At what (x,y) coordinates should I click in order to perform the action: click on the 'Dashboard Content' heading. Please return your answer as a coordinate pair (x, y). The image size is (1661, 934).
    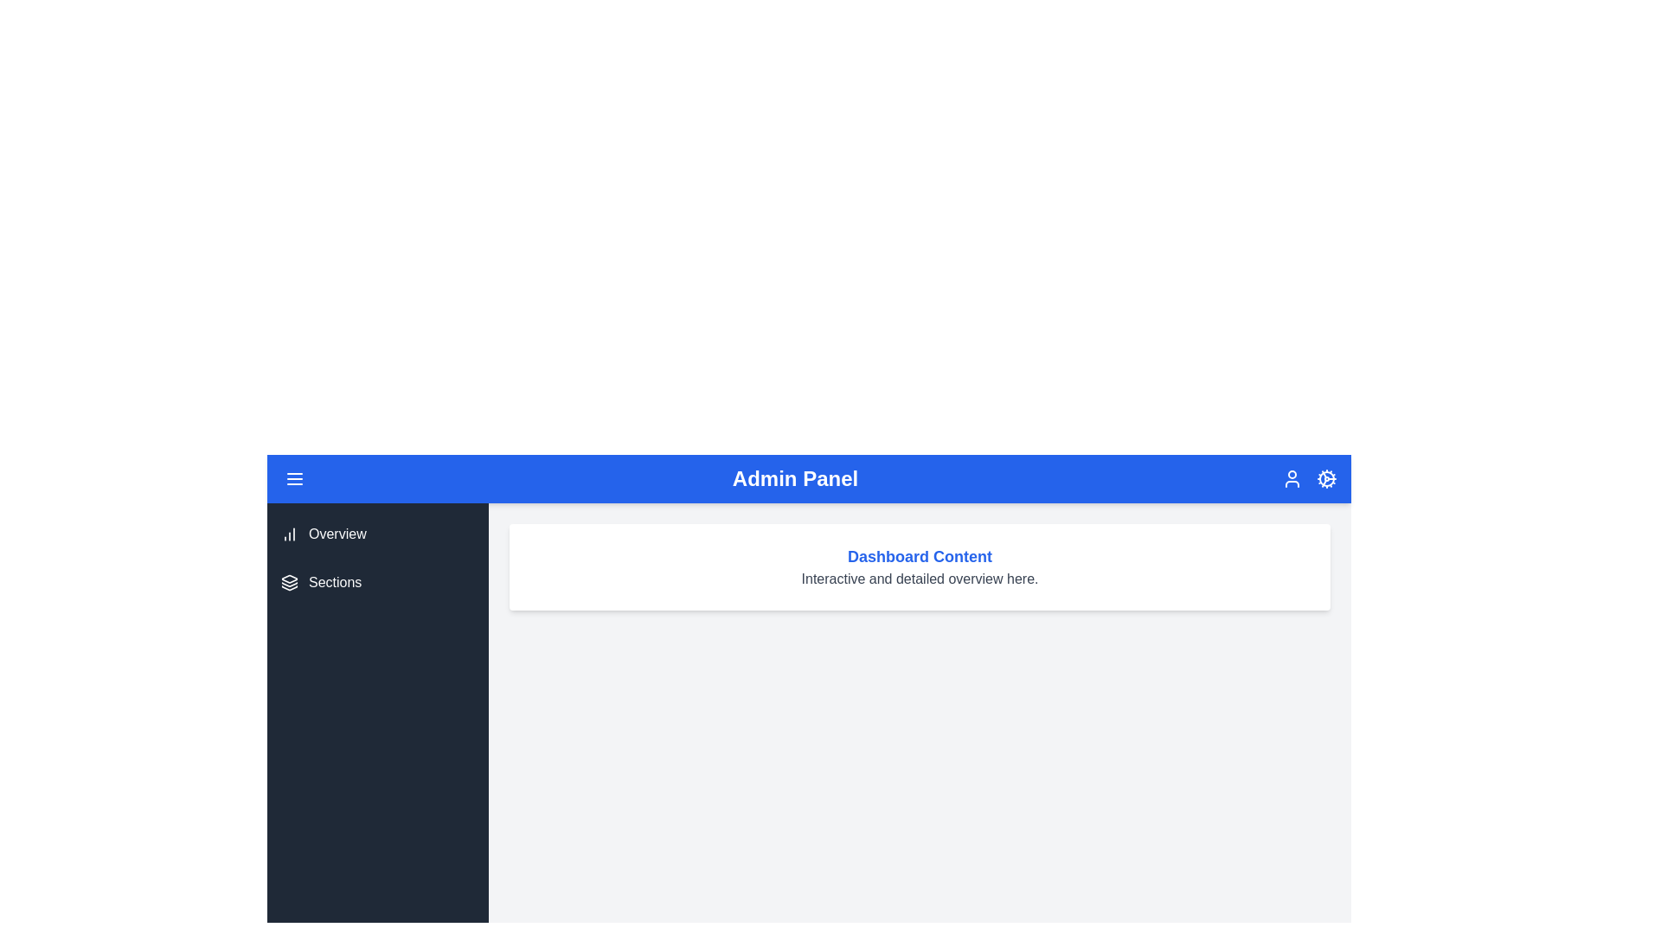
    Looking at the image, I should click on (919, 557).